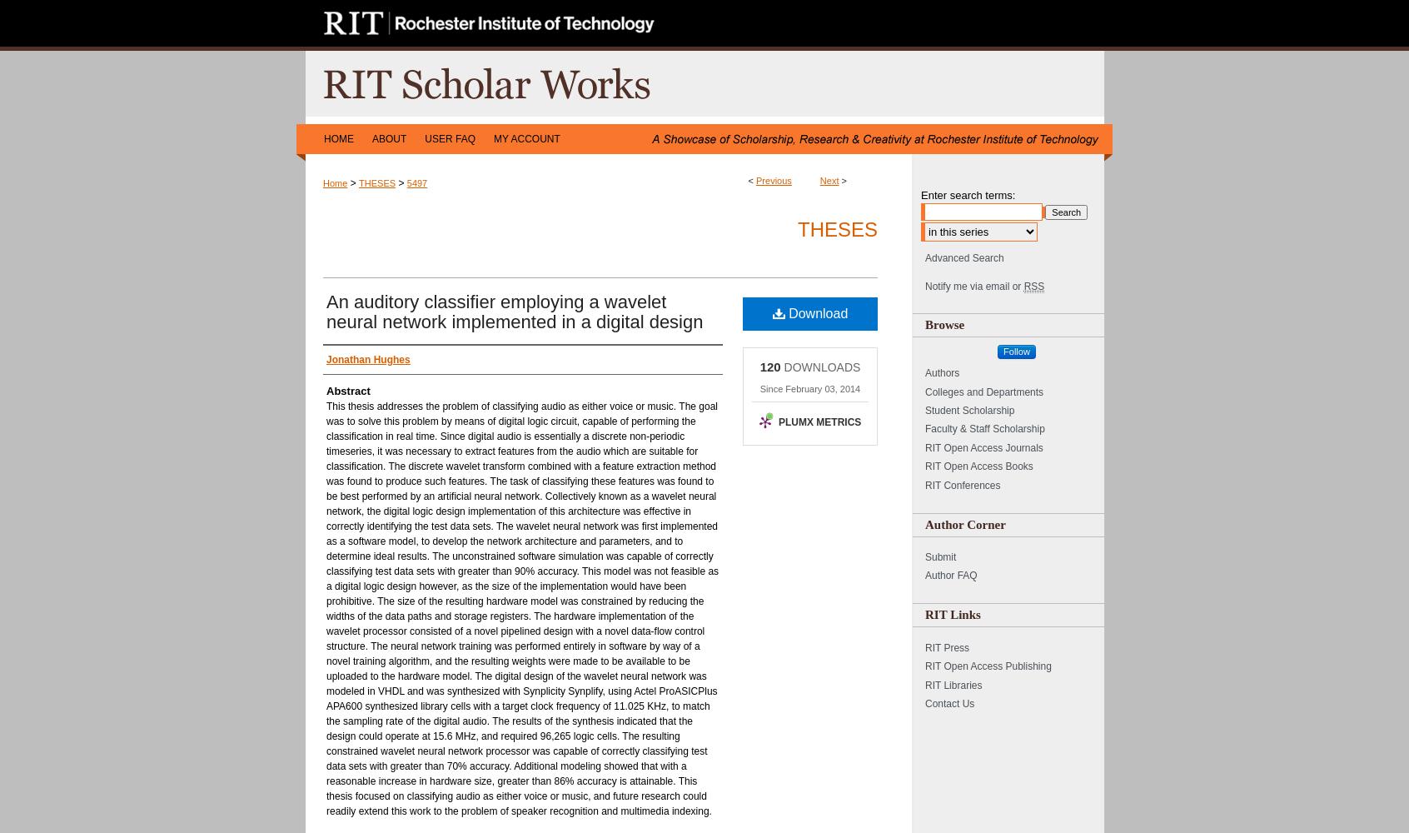 The height and width of the screenshot is (833, 1409). Describe the element at coordinates (968, 410) in the screenshot. I see `'Student Scholarship'` at that location.